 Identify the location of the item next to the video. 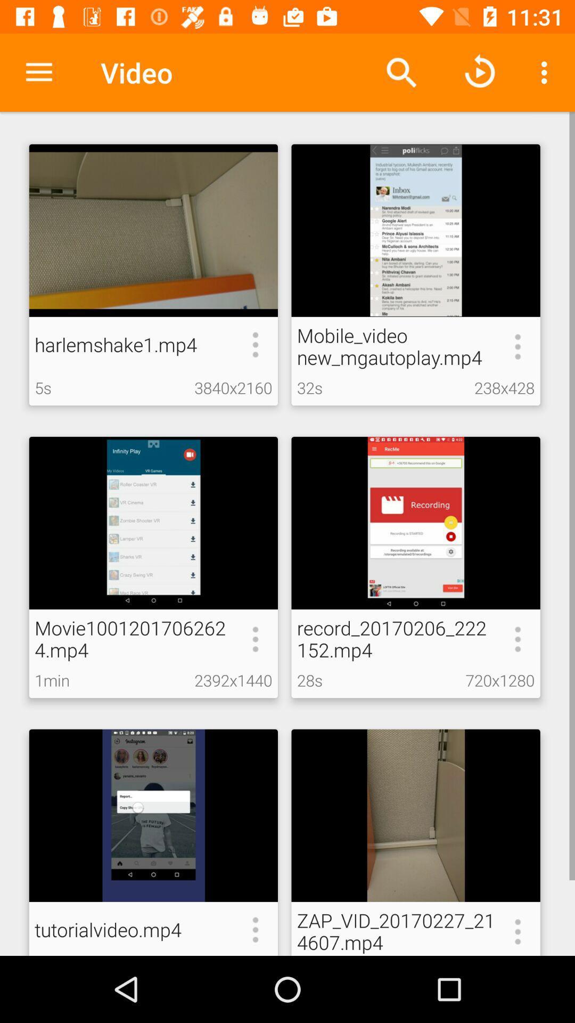
(38, 72).